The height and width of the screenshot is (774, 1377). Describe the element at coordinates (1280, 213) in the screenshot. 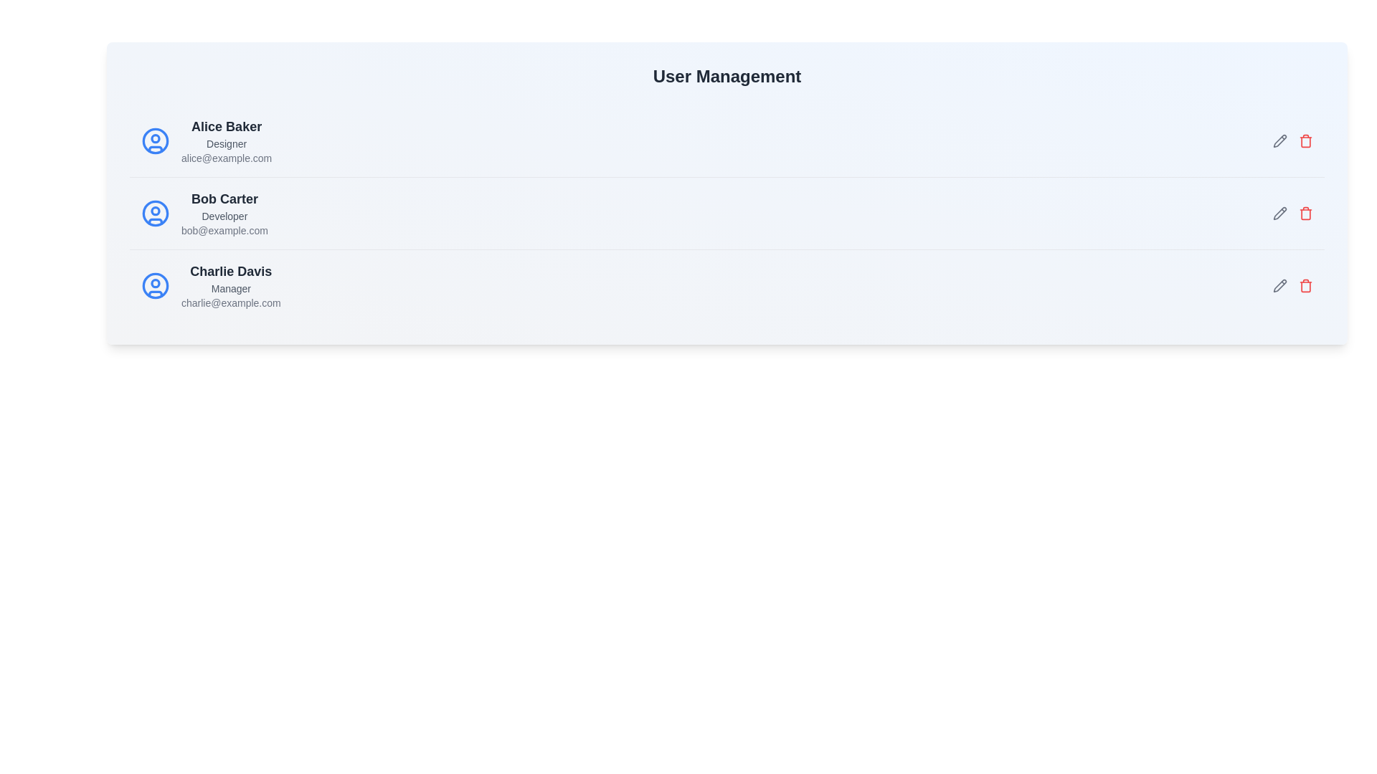

I see `the edit icon for the user Bob Carter` at that location.